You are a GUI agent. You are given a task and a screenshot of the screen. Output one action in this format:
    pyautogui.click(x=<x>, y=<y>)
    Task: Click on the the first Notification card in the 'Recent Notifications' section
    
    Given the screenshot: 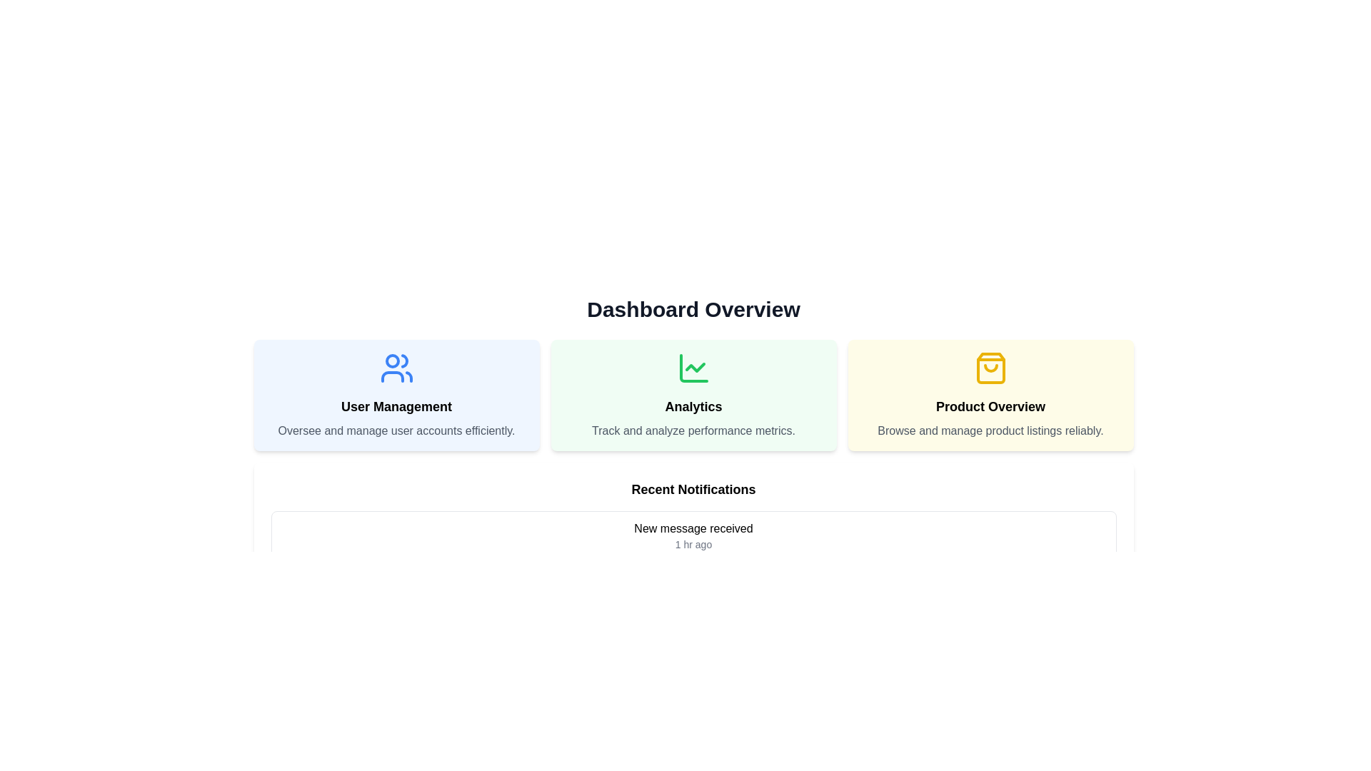 What is the action you would take?
    pyautogui.click(x=693, y=536)
    